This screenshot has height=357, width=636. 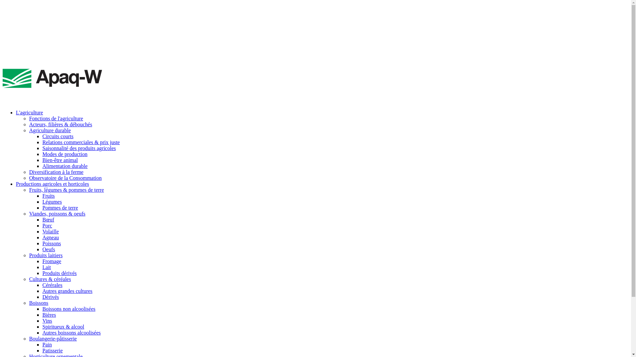 What do you see at coordinates (42, 267) in the screenshot?
I see `'Lait'` at bounding box center [42, 267].